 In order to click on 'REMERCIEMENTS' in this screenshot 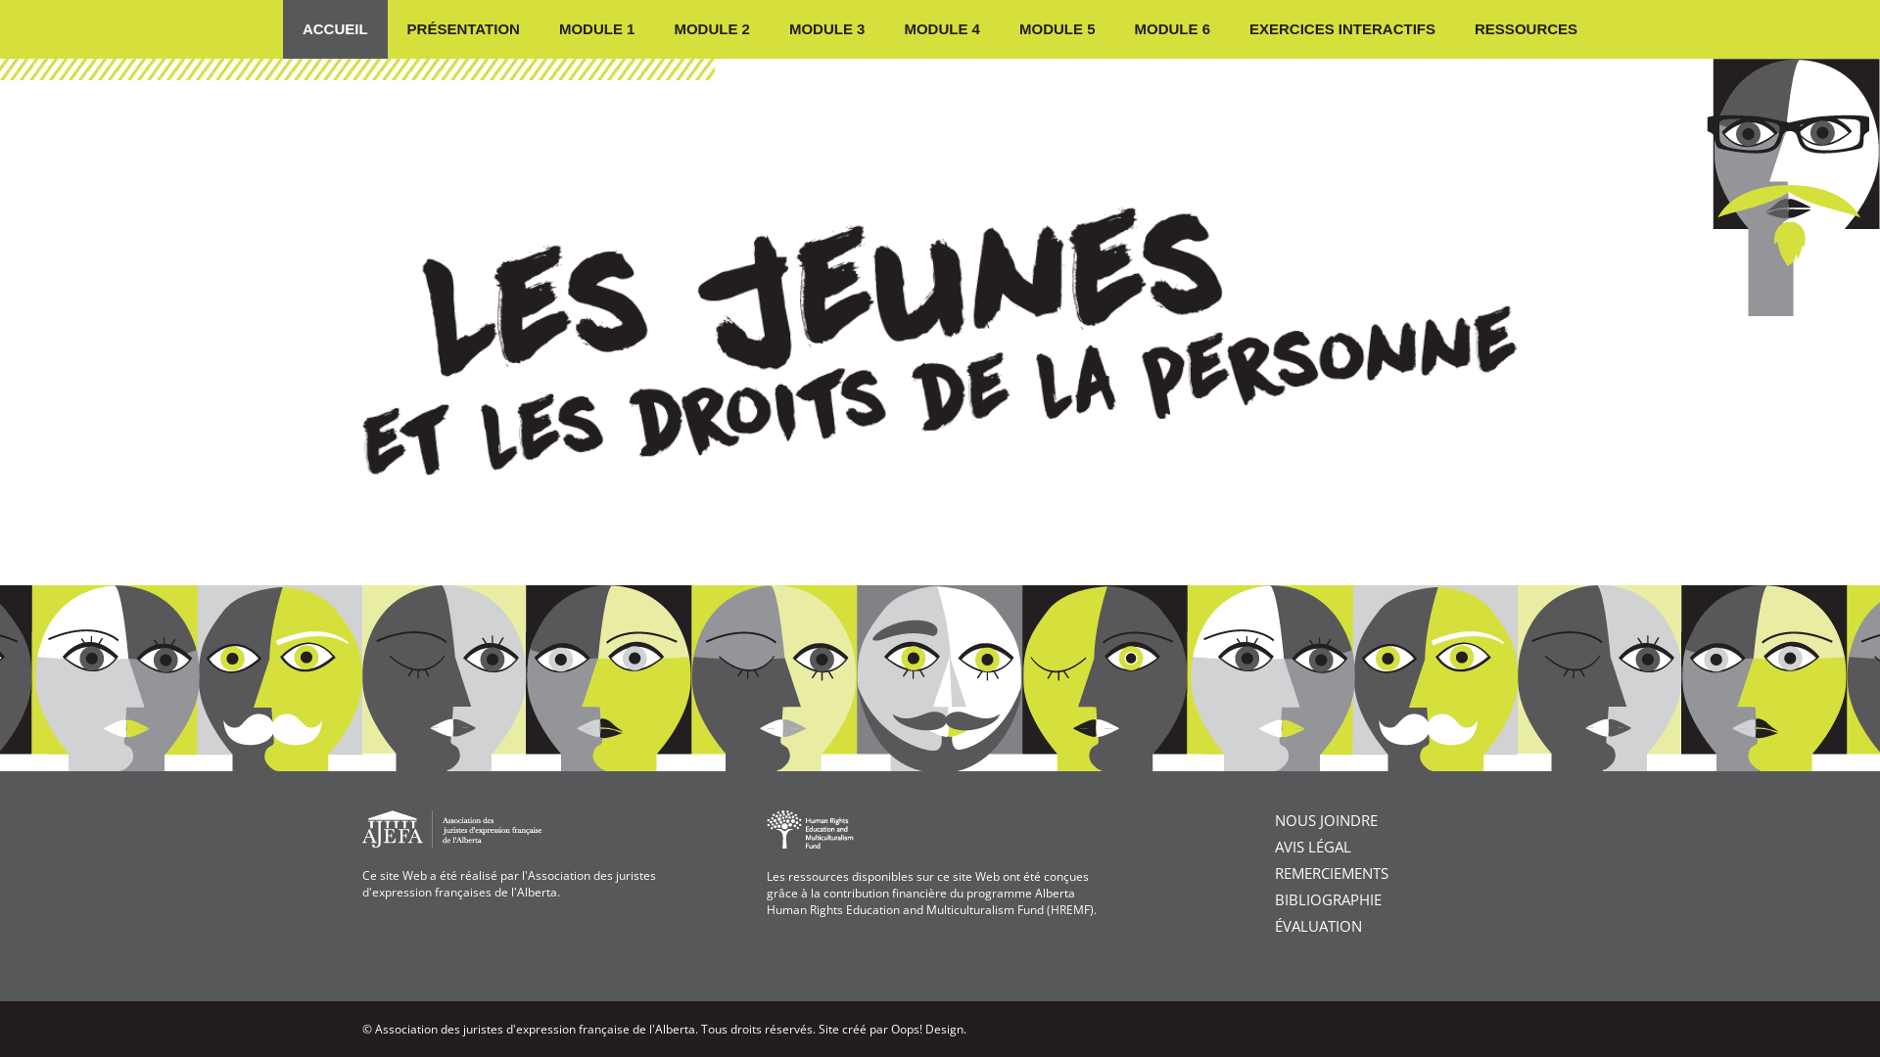, I will do `click(1331, 871)`.